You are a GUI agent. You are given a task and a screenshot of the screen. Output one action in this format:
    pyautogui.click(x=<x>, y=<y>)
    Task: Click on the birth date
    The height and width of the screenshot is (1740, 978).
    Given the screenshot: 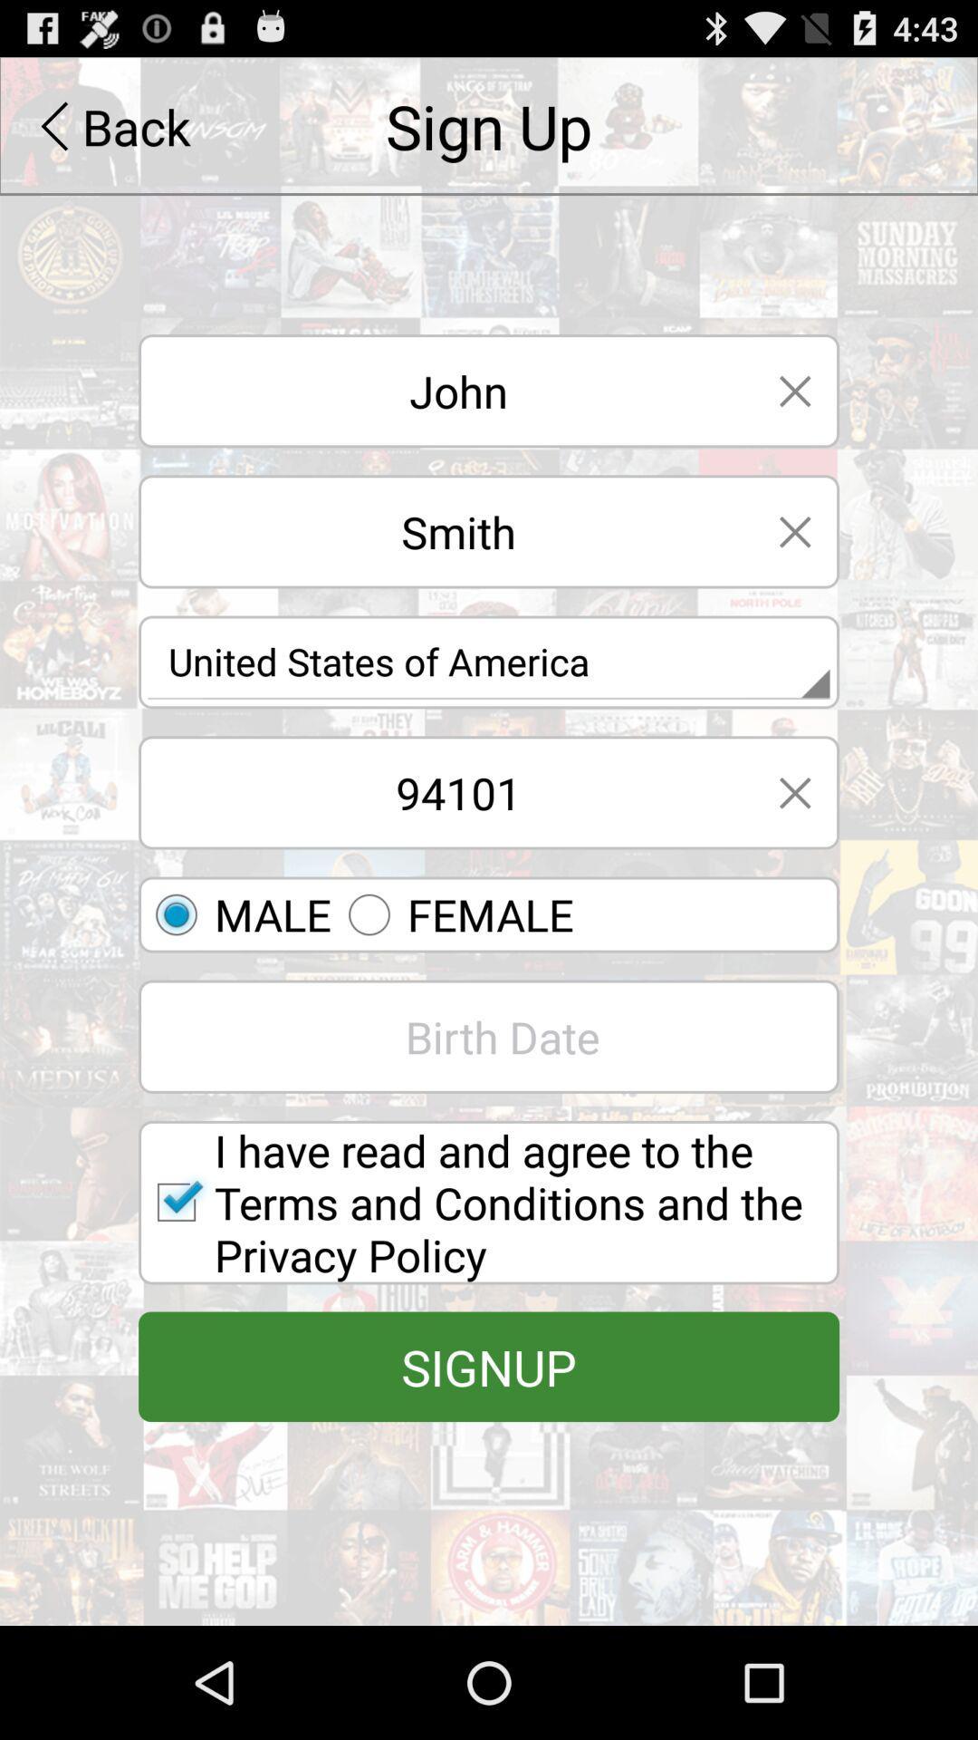 What is the action you would take?
    pyautogui.click(x=489, y=1037)
    